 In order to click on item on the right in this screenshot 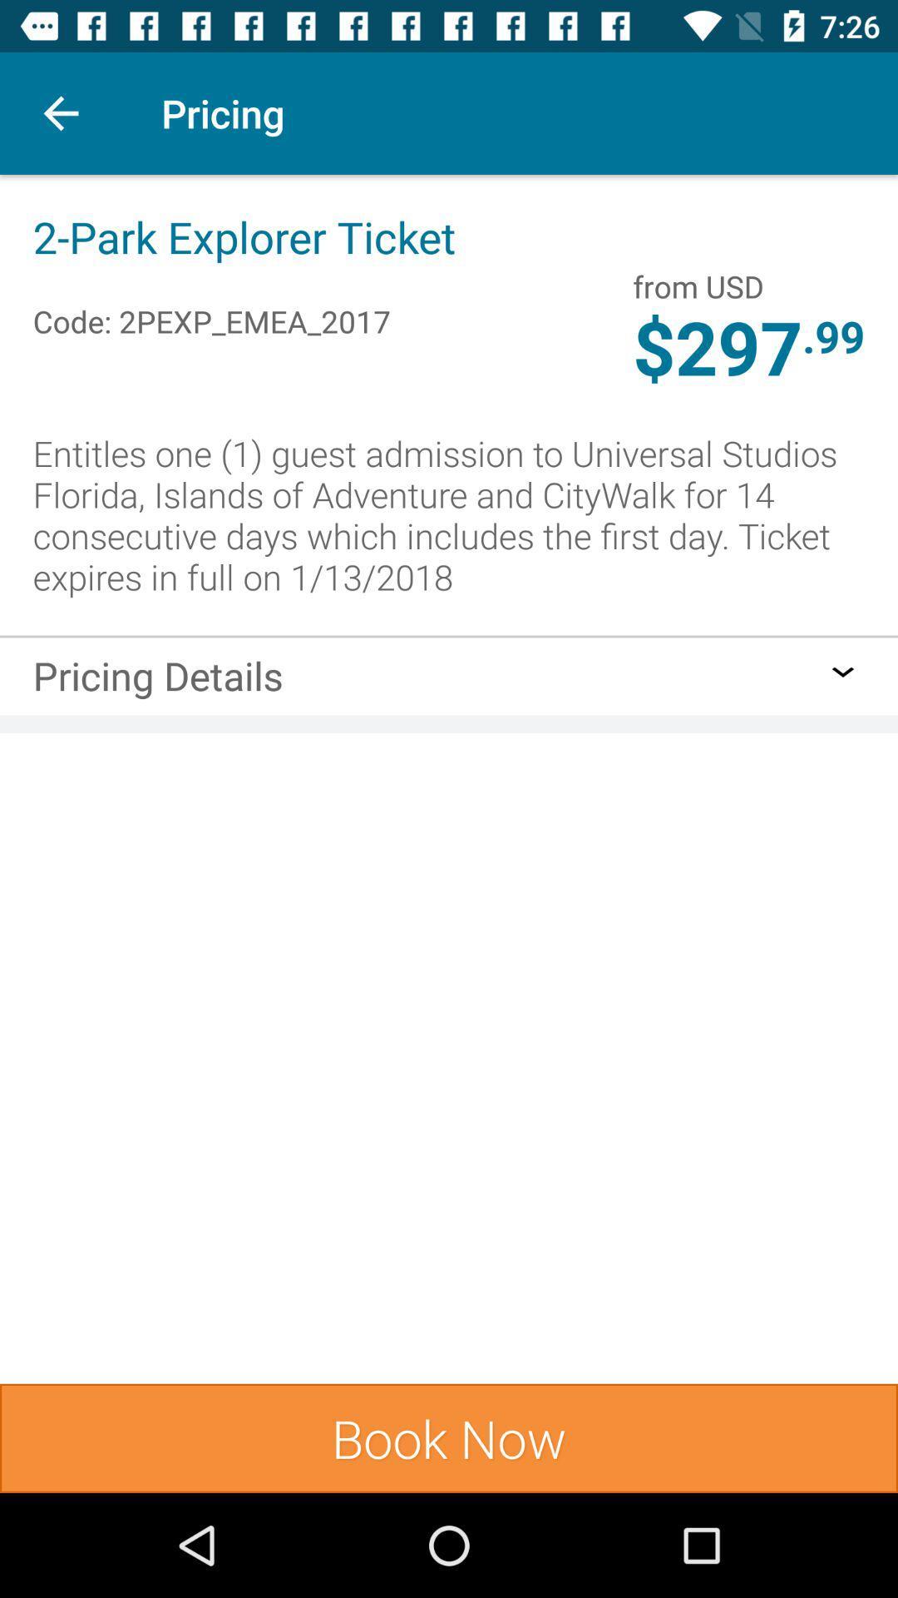, I will do `click(843, 672)`.